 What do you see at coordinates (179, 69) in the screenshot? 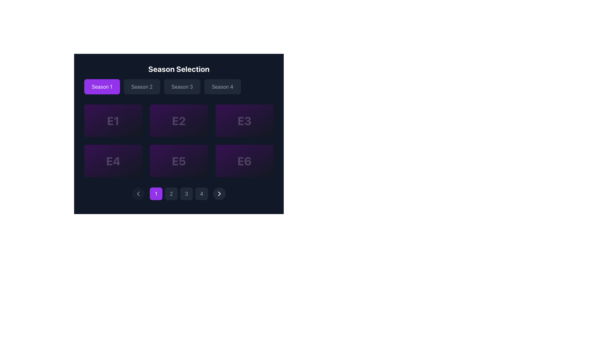
I see `the text label that says 'Season Selection', which is styled in bold, white text and is centered at the top of the dark background, indicating the title of the section` at bounding box center [179, 69].